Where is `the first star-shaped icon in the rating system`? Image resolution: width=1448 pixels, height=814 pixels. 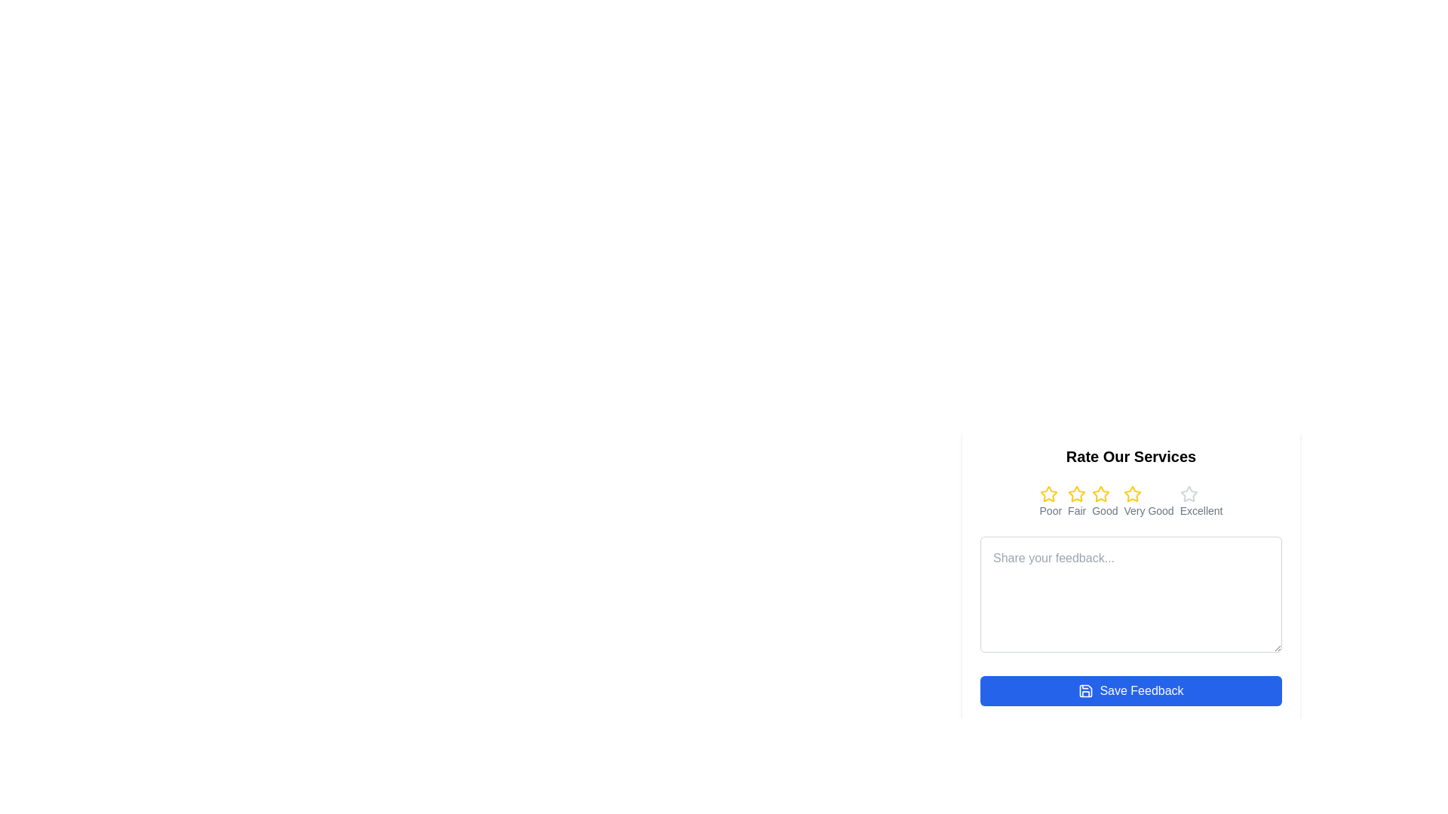
the first star-shaped icon in the rating system is located at coordinates (1048, 494).